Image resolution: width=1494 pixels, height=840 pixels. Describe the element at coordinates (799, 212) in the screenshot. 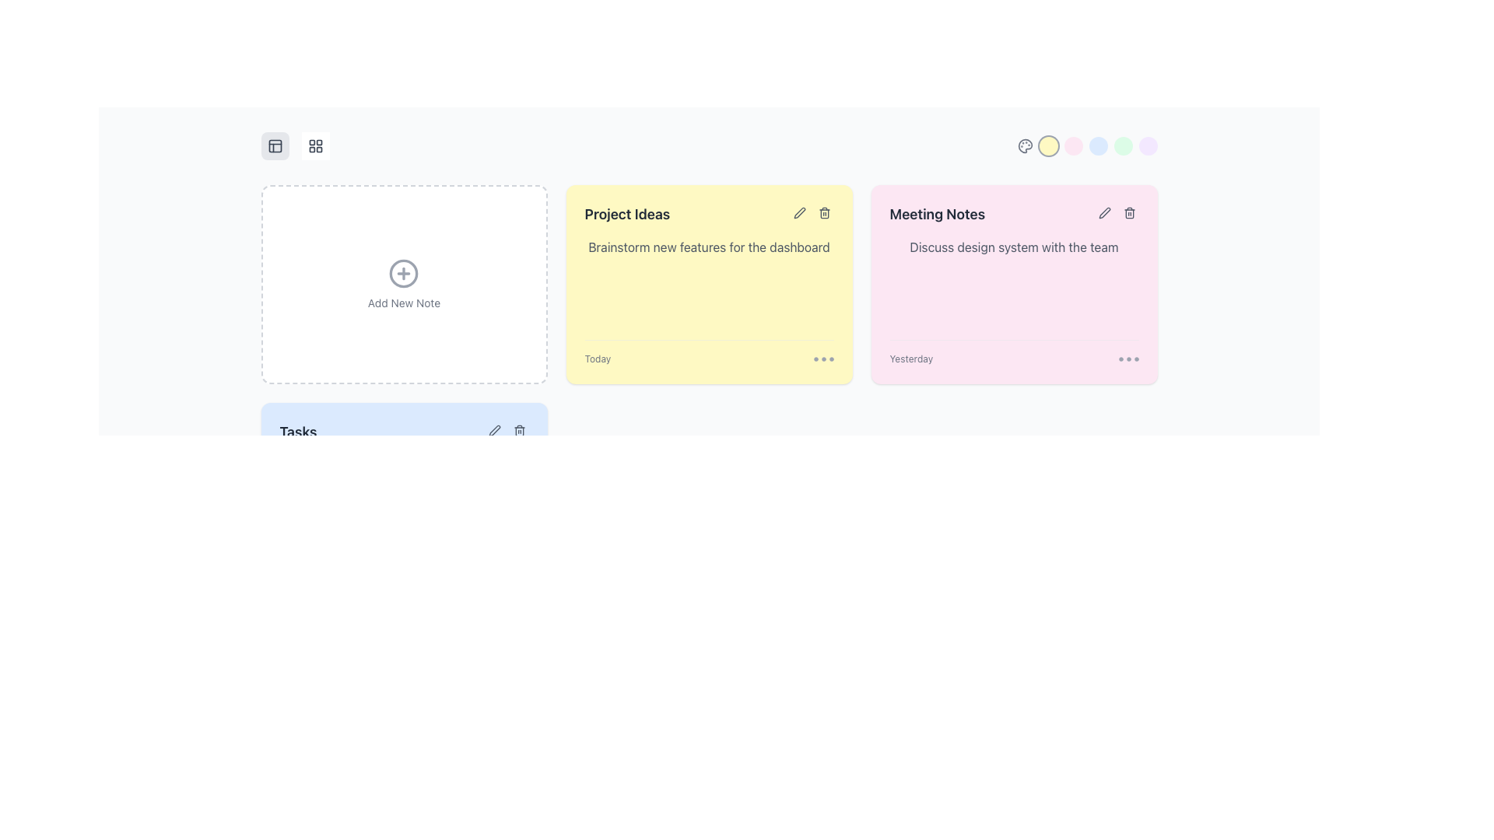

I see `the editing icon located in the top-right corner of the 'Project Ideas' card` at that location.